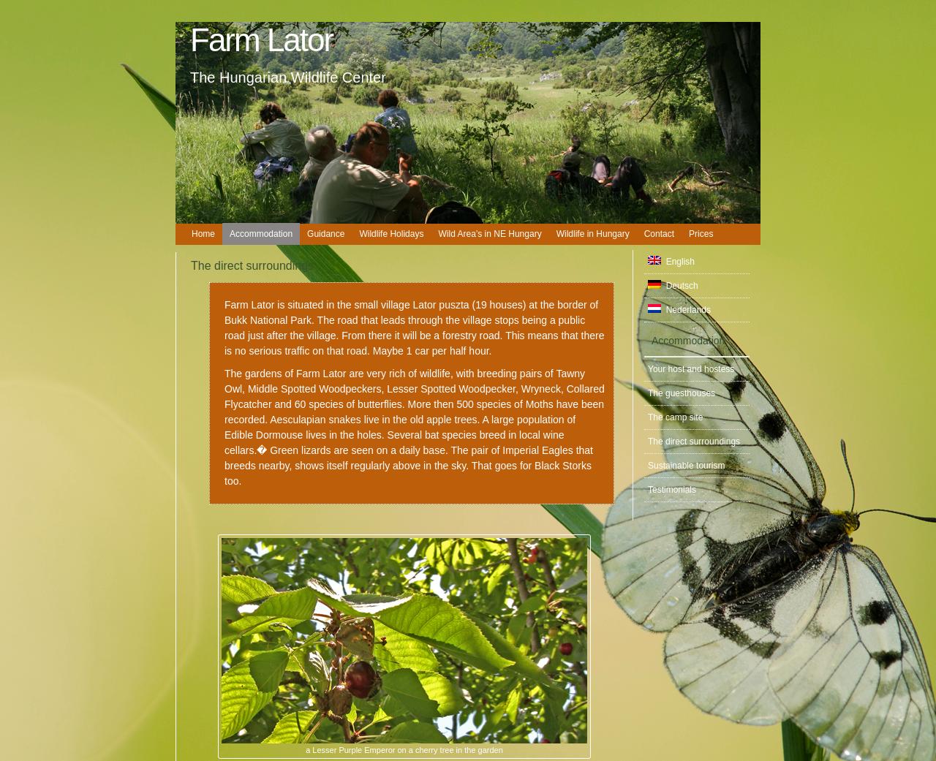  Describe the element at coordinates (413, 327) in the screenshot. I see `'Farm Lator is situated in the small village Lator puszta (19 houses) at the border of Bukk National Park. The road that leads through the village stops being a public road just after the village. From there it will be a forestry road. This means that there is no serious traffic on that road. Maybe 1 car per half hour.'` at that location.